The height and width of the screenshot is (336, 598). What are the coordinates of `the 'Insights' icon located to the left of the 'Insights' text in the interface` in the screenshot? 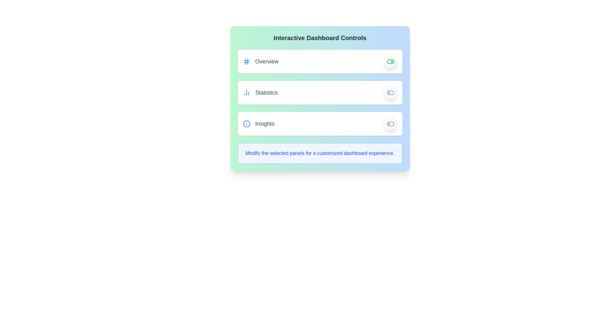 It's located at (246, 124).